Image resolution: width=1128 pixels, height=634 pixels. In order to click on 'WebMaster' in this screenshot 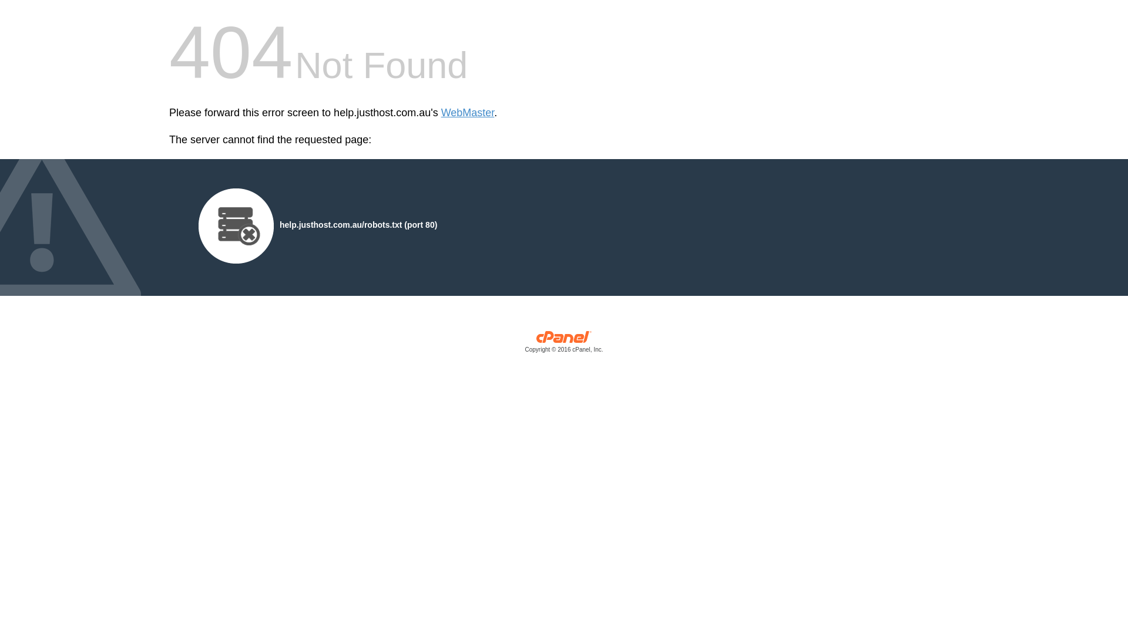, I will do `click(467, 113)`.